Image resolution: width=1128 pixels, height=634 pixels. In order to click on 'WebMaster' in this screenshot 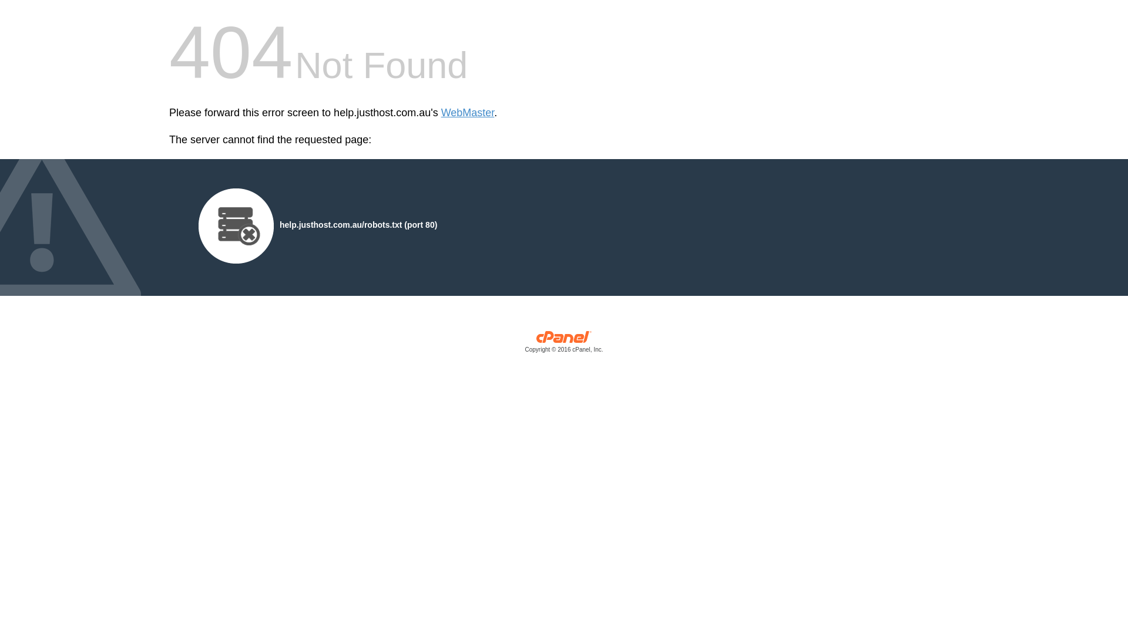, I will do `click(467, 113)`.